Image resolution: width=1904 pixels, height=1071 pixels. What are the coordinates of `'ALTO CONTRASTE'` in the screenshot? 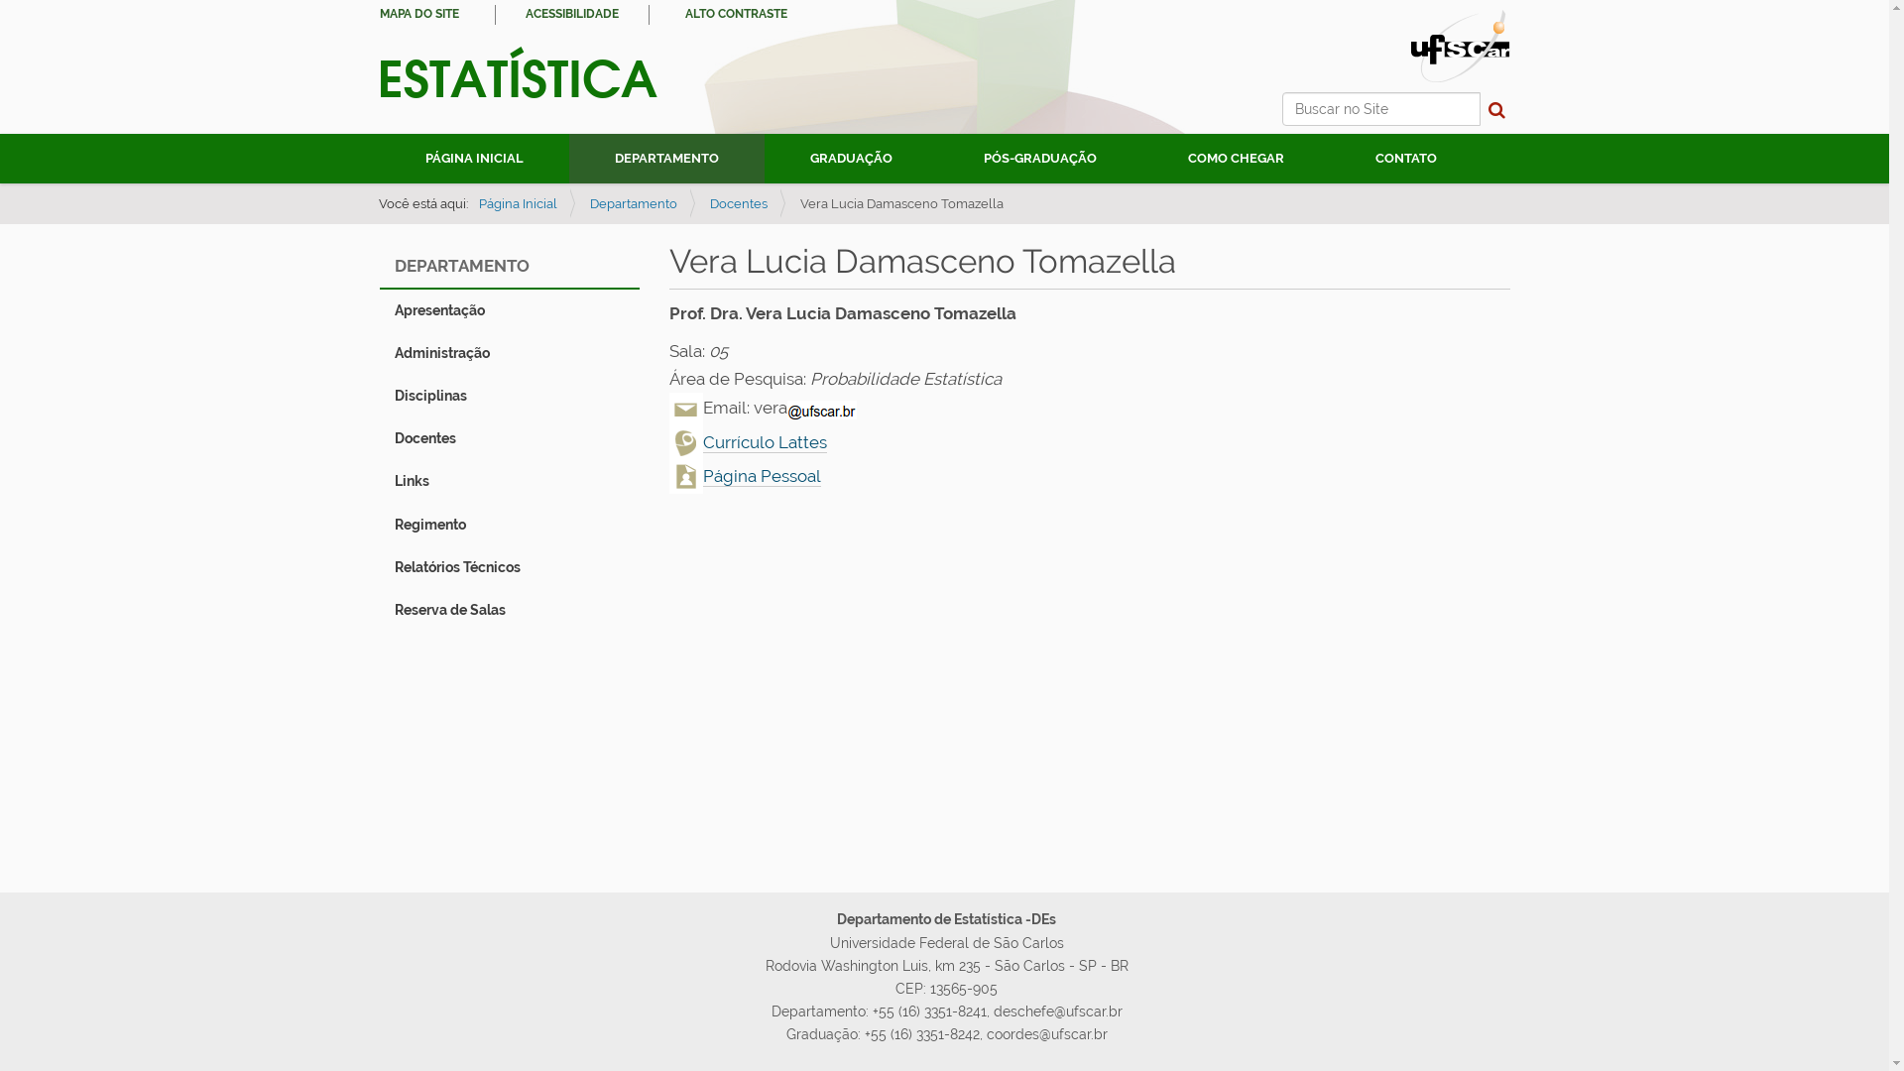 It's located at (734, 14).